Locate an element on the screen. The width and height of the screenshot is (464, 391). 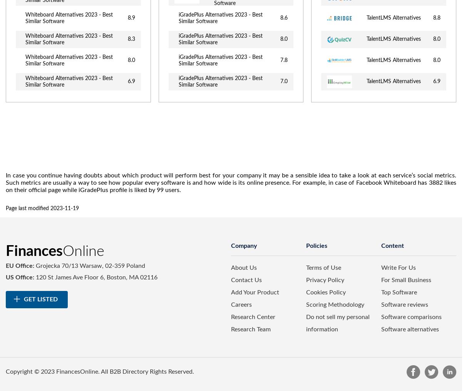
'Software reviews' is located at coordinates (404, 304).